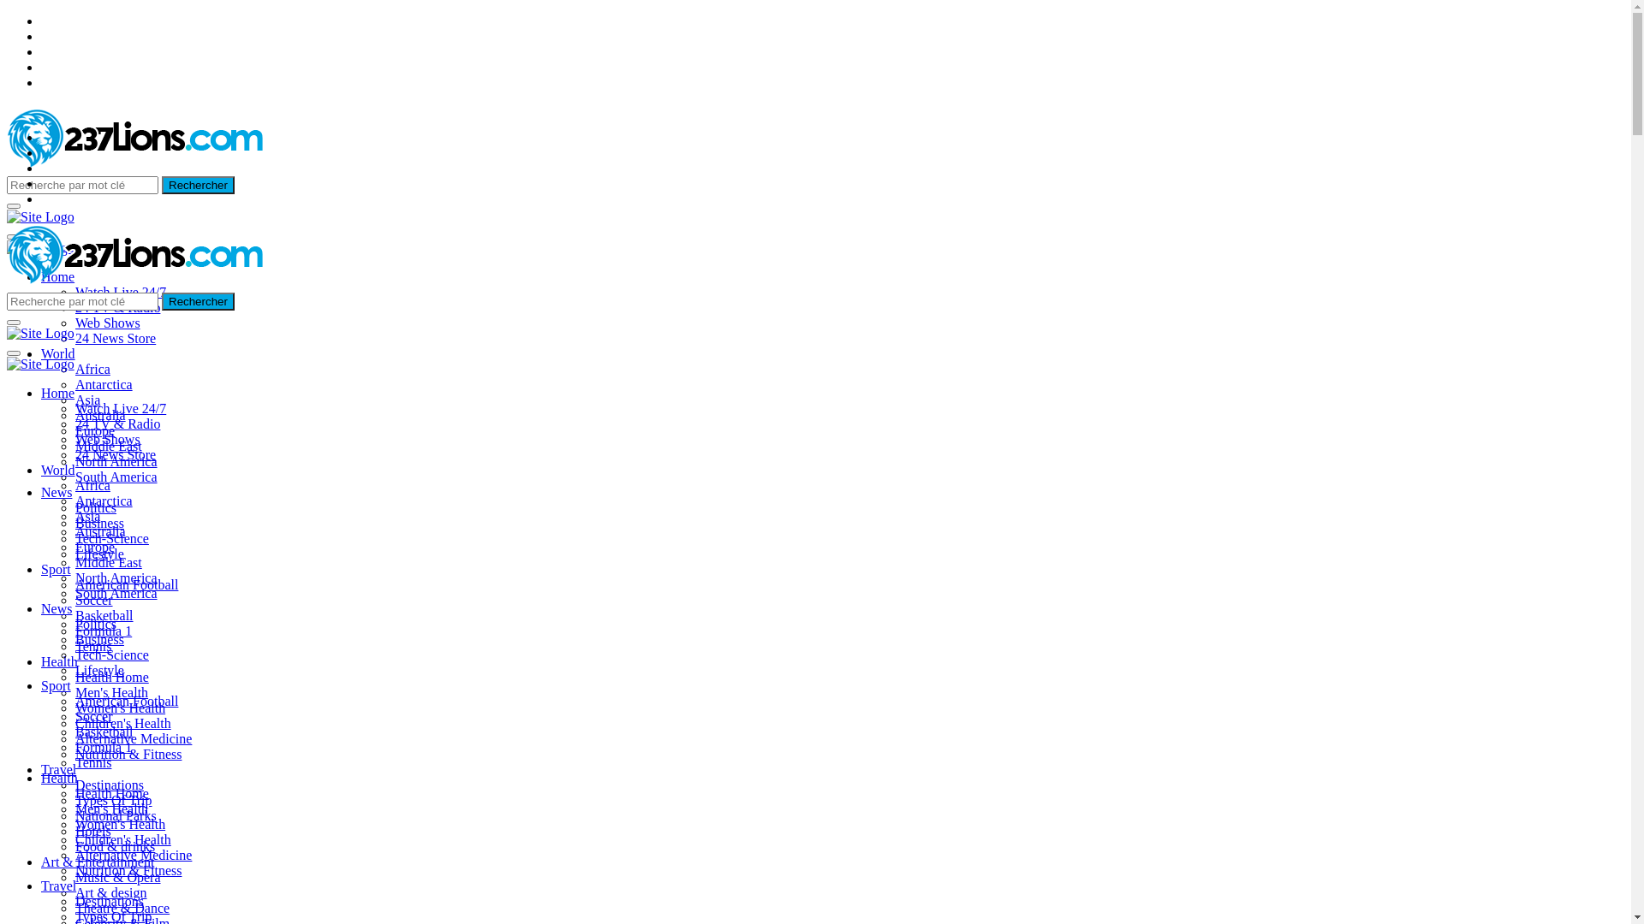 This screenshot has height=924, width=1644. What do you see at coordinates (41, 607) in the screenshot?
I see `'News'` at bounding box center [41, 607].